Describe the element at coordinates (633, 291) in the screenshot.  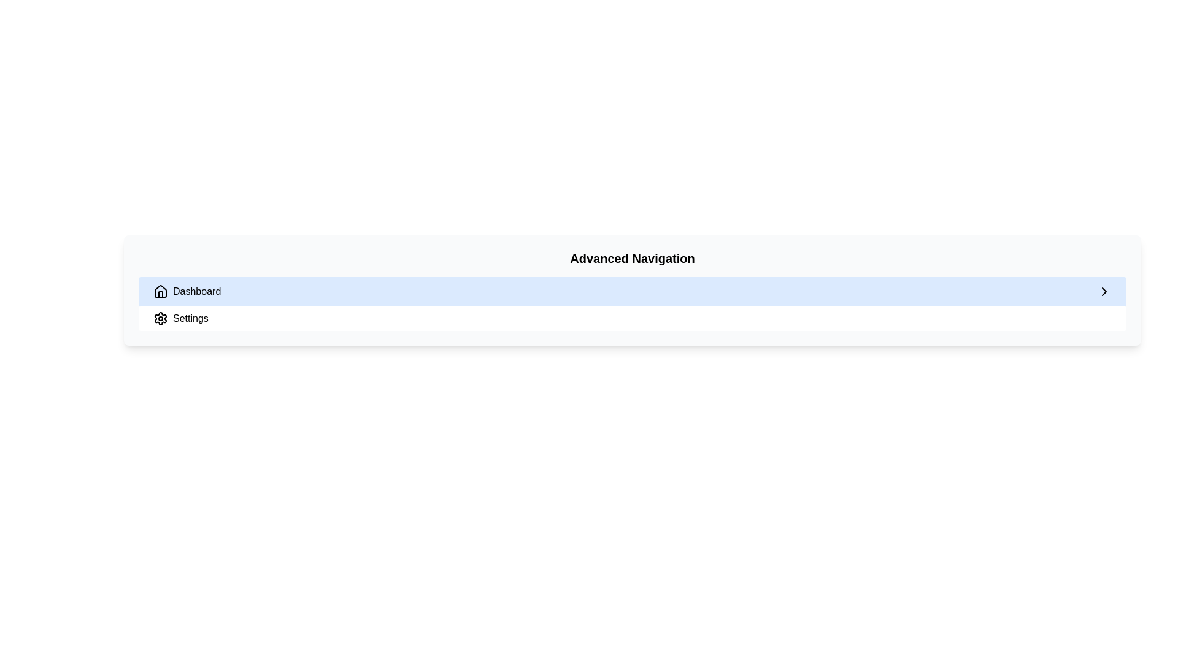
I see `the first Navigation Menu Item labeled 'Dashboard'` at that location.